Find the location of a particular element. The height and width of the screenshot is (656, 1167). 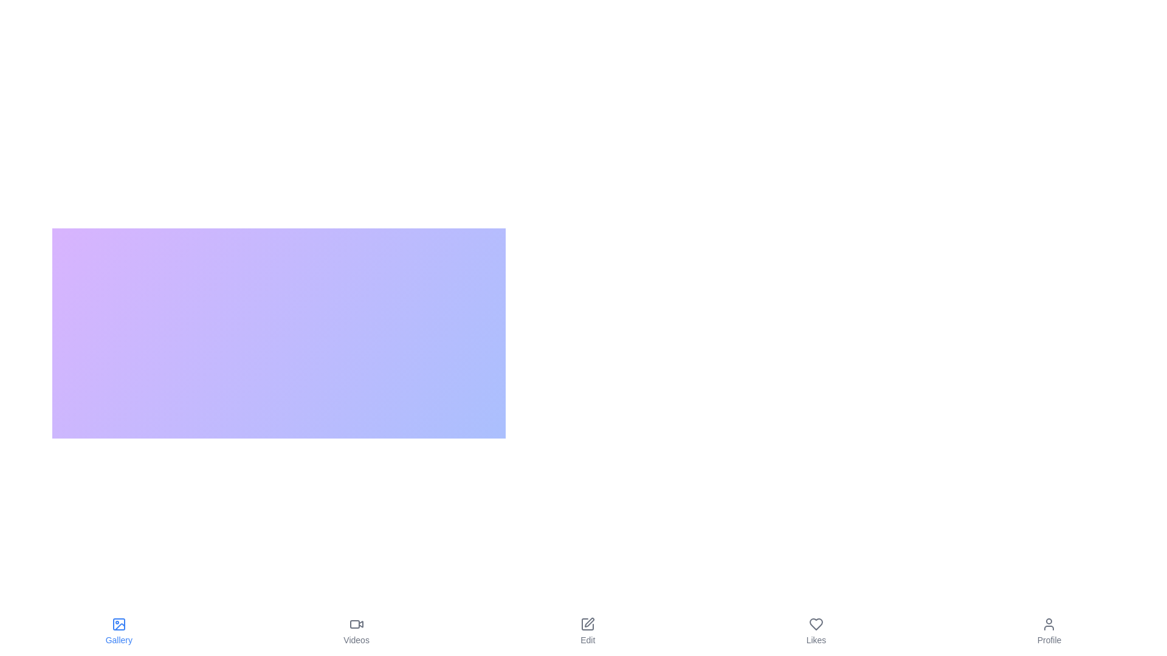

the Videos button to switch to the corresponding view is located at coordinates (355, 631).